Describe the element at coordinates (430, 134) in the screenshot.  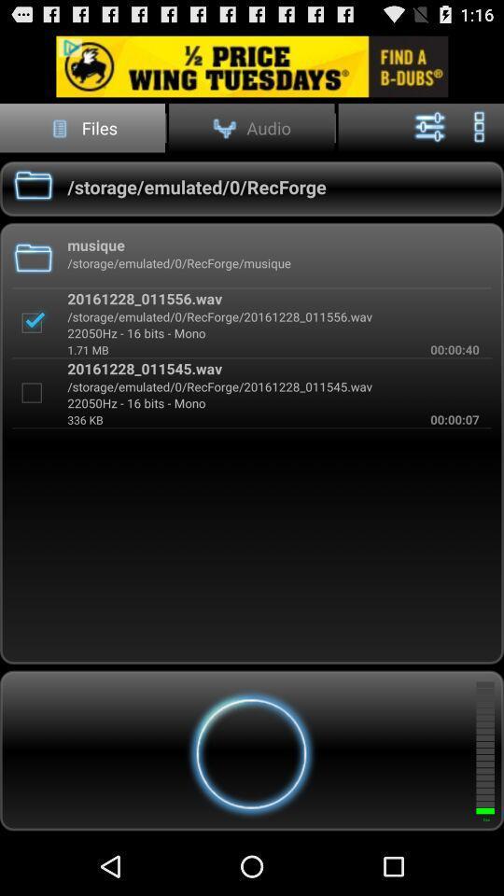
I see `the sliders icon` at that location.